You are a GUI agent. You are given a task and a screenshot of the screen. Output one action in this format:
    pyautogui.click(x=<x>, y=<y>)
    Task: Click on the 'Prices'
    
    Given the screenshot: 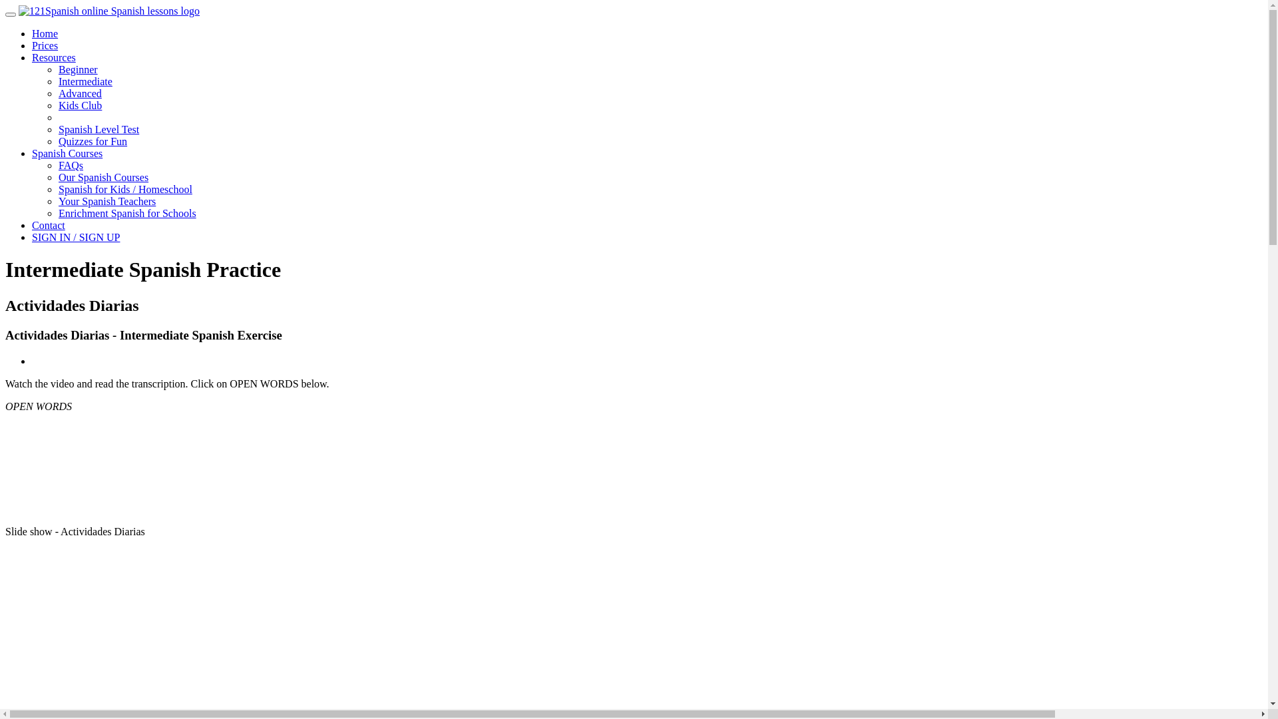 What is the action you would take?
    pyautogui.click(x=45, y=45)
    